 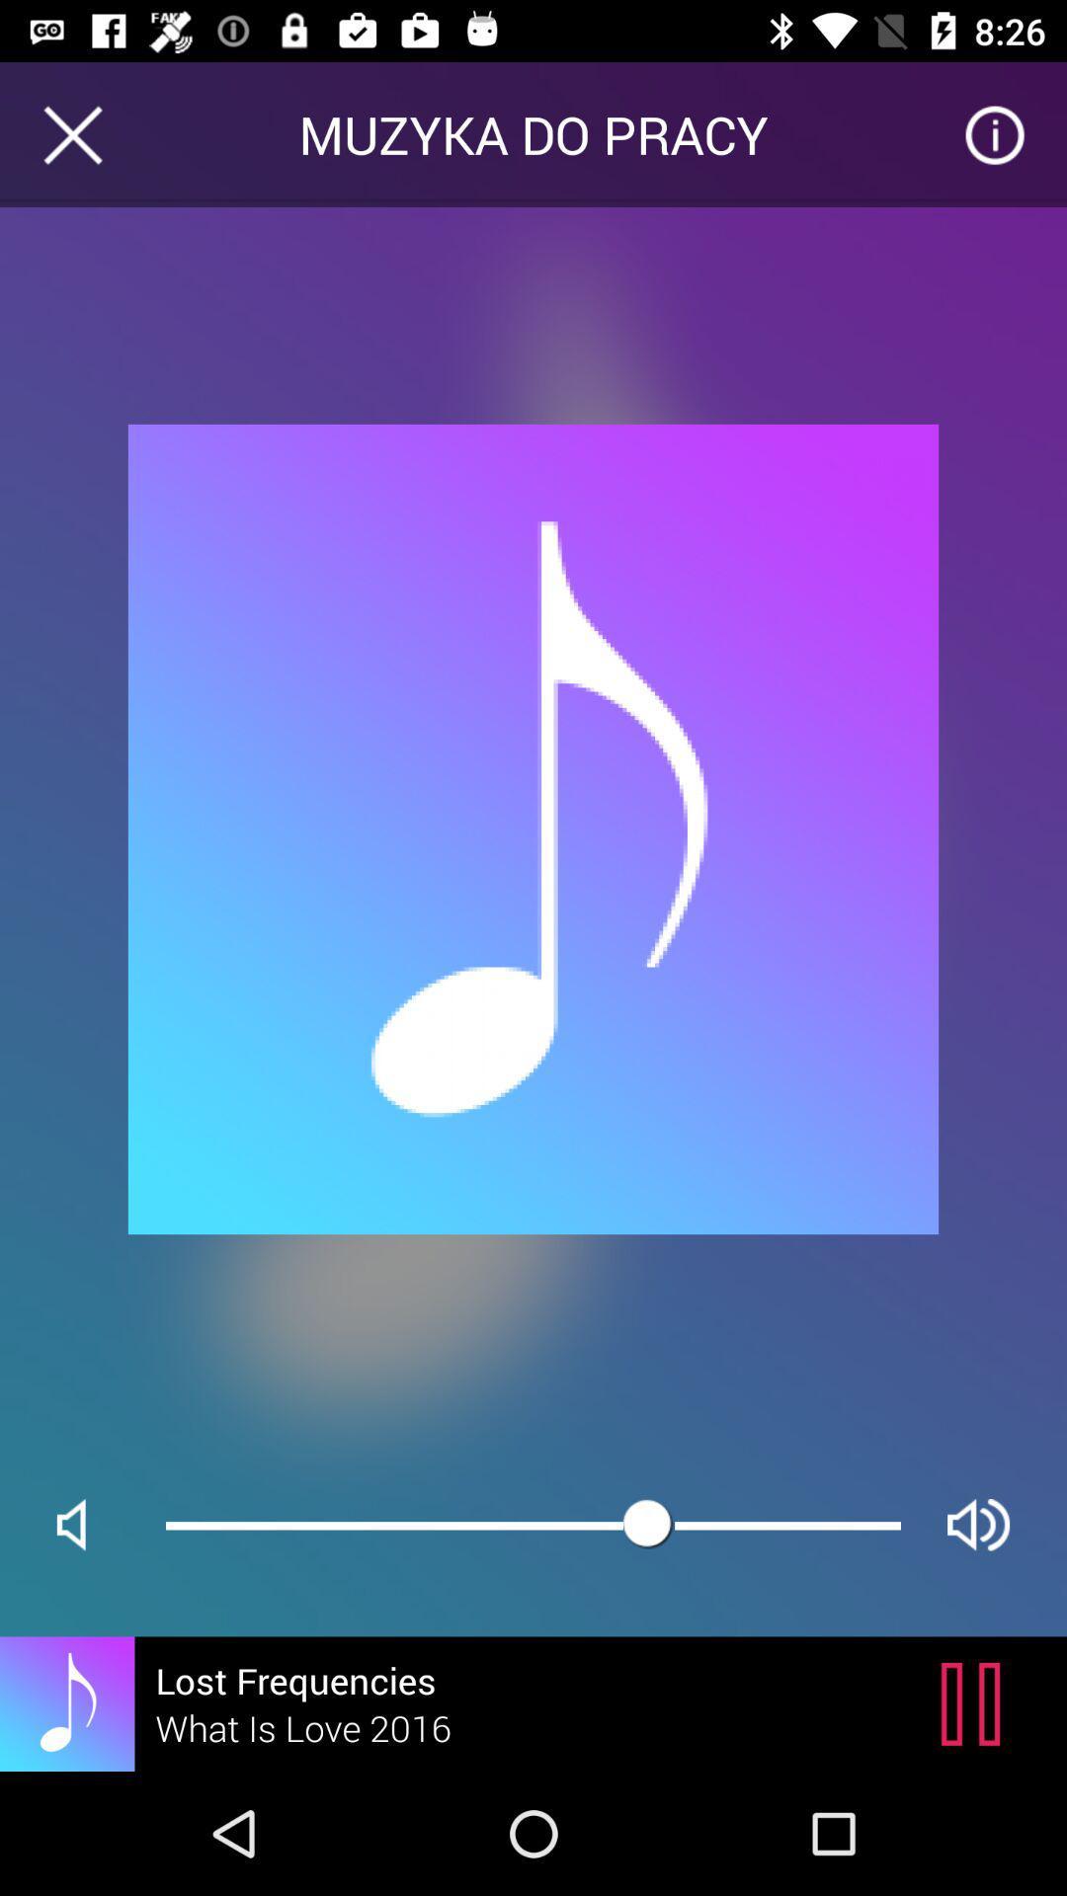 What do you see at coordinates (978, 1524) in the screenshot?
I see `the volume icon` at bounding box center [978, 1524].